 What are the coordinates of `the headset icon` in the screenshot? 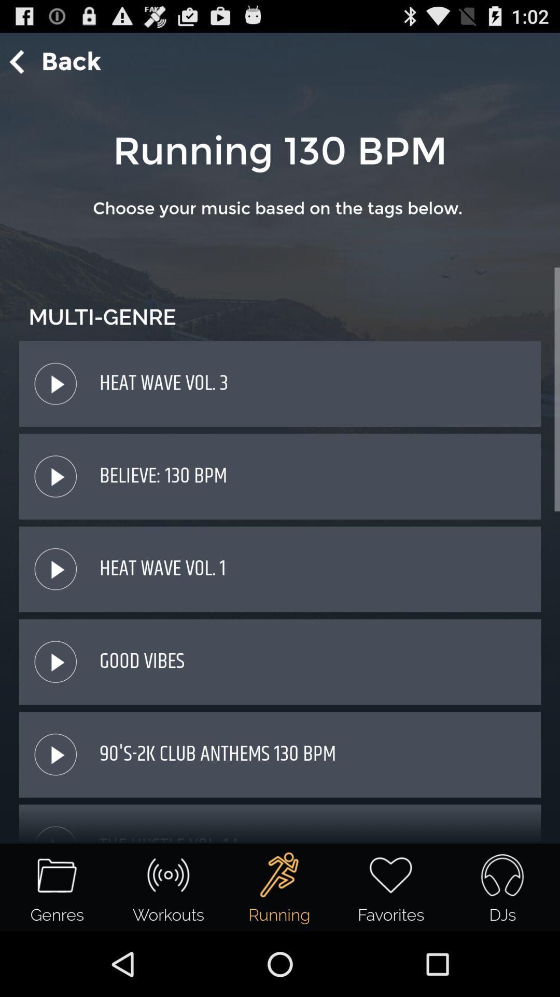 It's located at (501, 874).